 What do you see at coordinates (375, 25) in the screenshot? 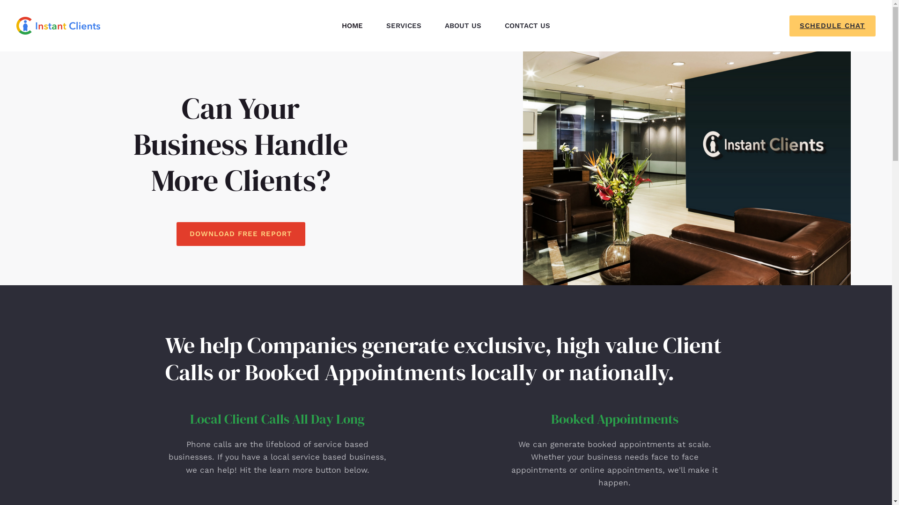
I see `'SERVICES'` at bounding box center [375, 25].